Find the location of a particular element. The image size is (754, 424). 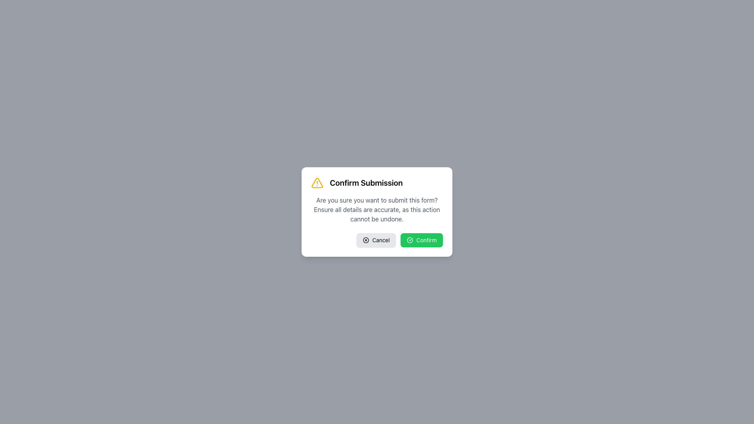

the green 'Confirm' button with rounded edges located at the bottom-right of the modal dialog box to confirm the operation is located at coordinates (421, 240).